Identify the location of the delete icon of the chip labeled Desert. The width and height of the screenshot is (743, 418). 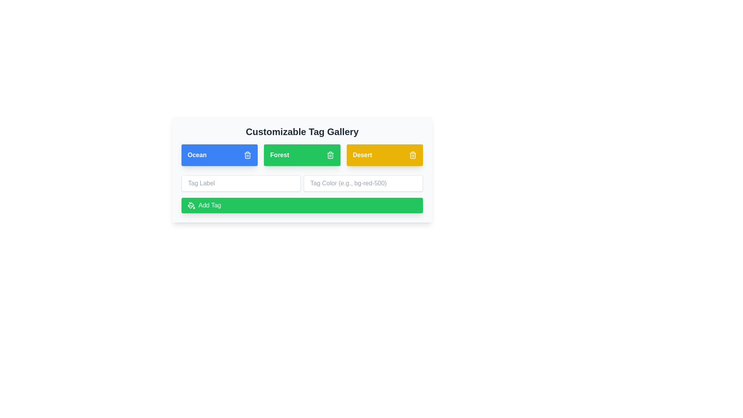
(412, 155).